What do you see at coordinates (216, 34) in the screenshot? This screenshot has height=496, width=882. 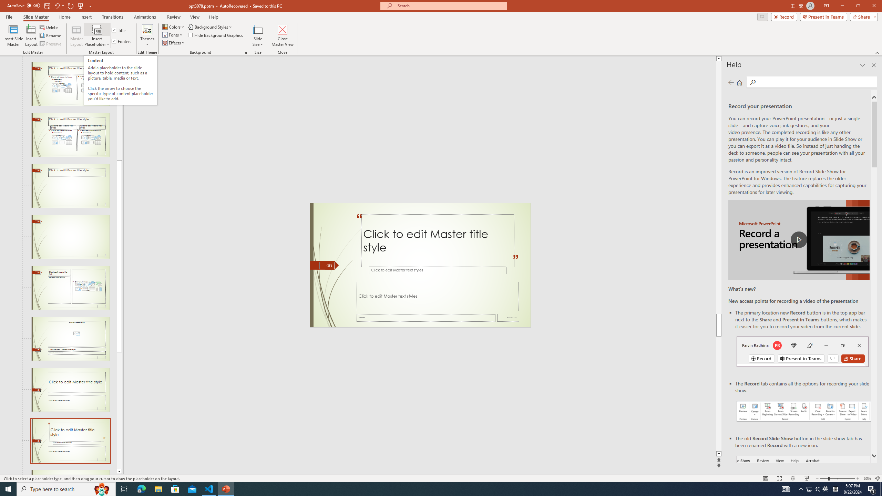 I see `'Hide Background Graphics'` at bounding box center [216, 34].